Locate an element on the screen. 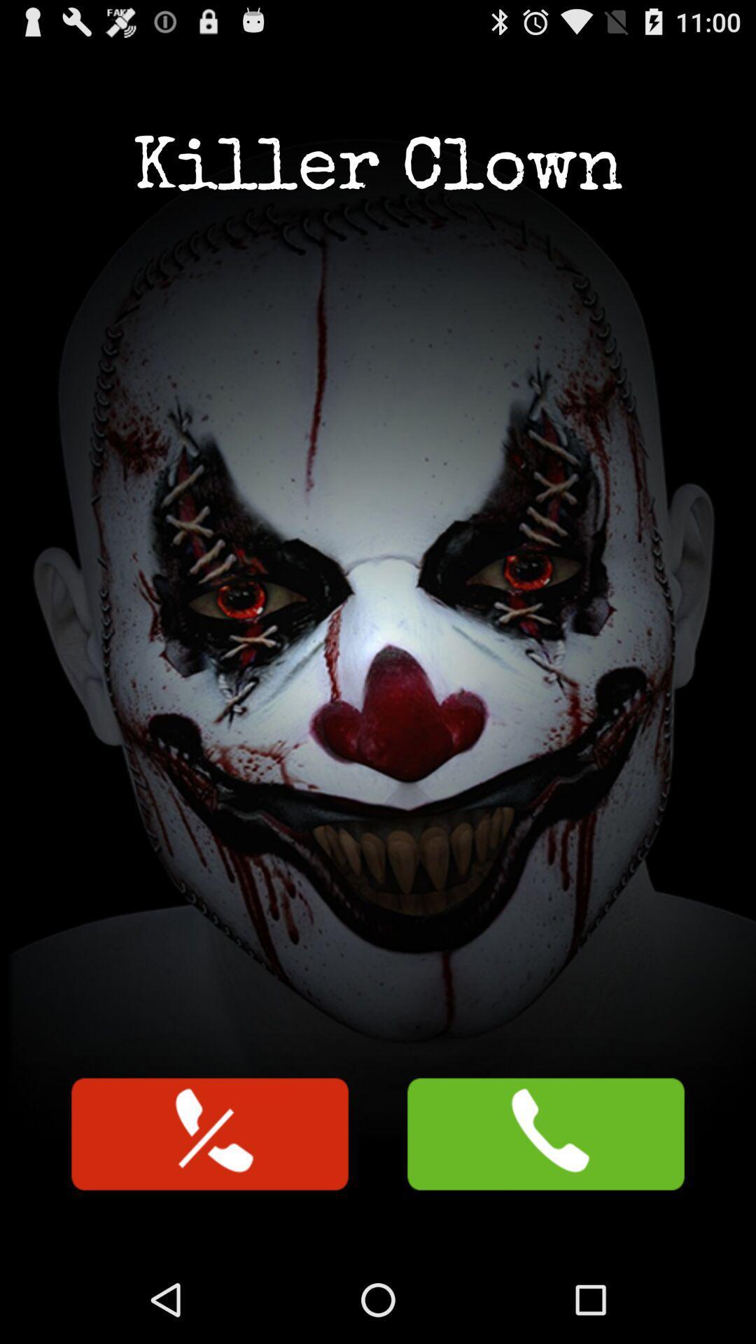  pickup call is located at coordinates (545, 1134).